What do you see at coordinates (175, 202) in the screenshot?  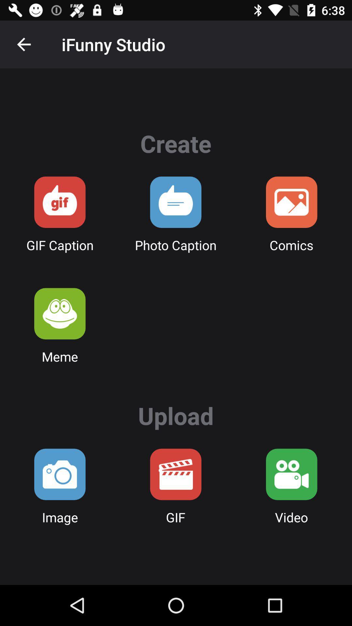 I see `the chat icon` at bounding box center [175, 202].